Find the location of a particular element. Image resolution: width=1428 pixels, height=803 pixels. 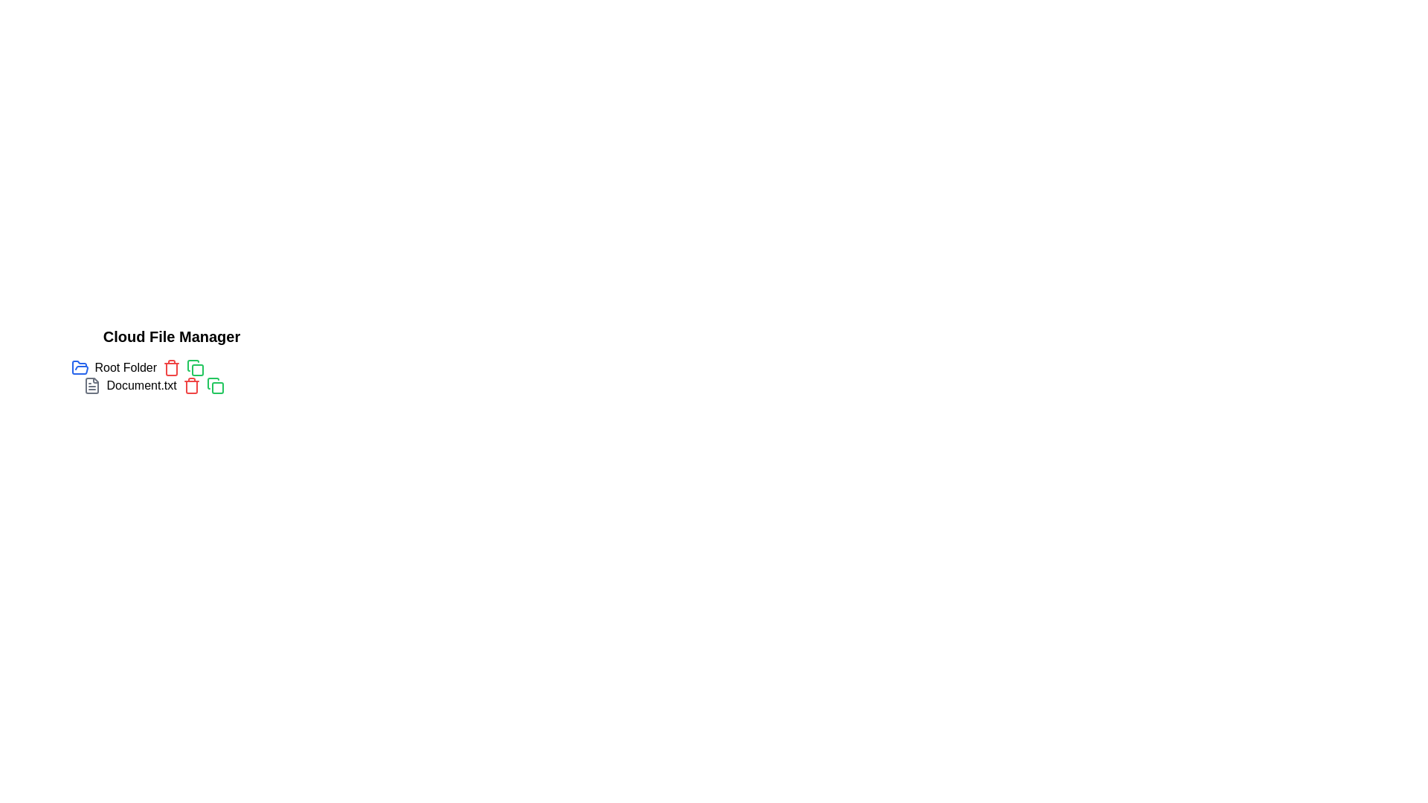

the trash icon outline that visually represents a trash or delete function, positioned to the right of the text label 'Document.txt' is located at coordinates (172, 369).